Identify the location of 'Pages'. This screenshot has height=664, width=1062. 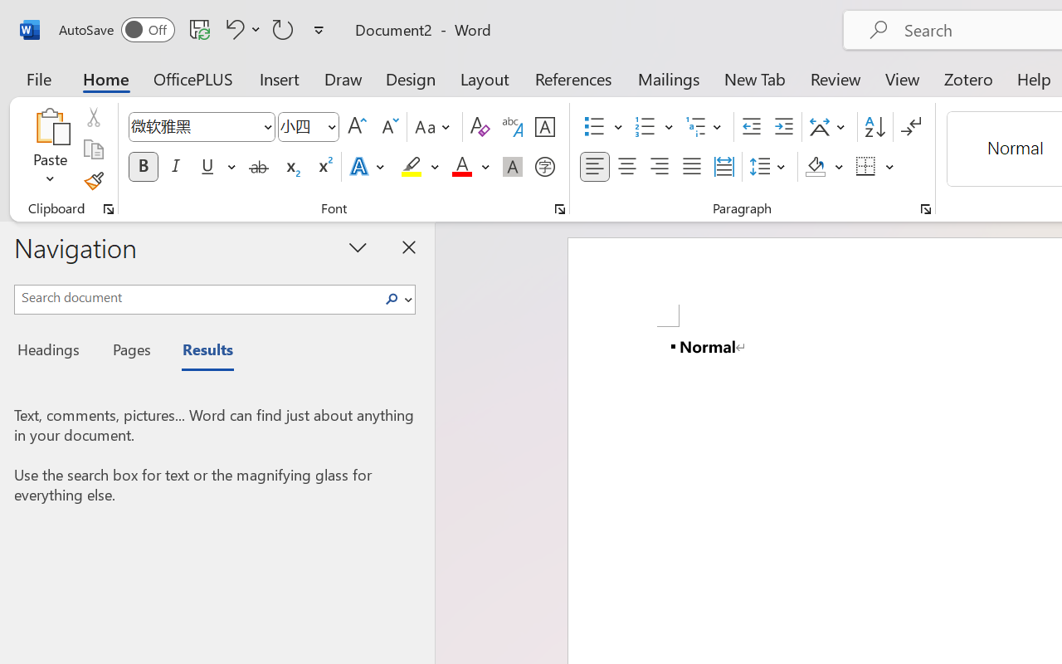
(129, 352).